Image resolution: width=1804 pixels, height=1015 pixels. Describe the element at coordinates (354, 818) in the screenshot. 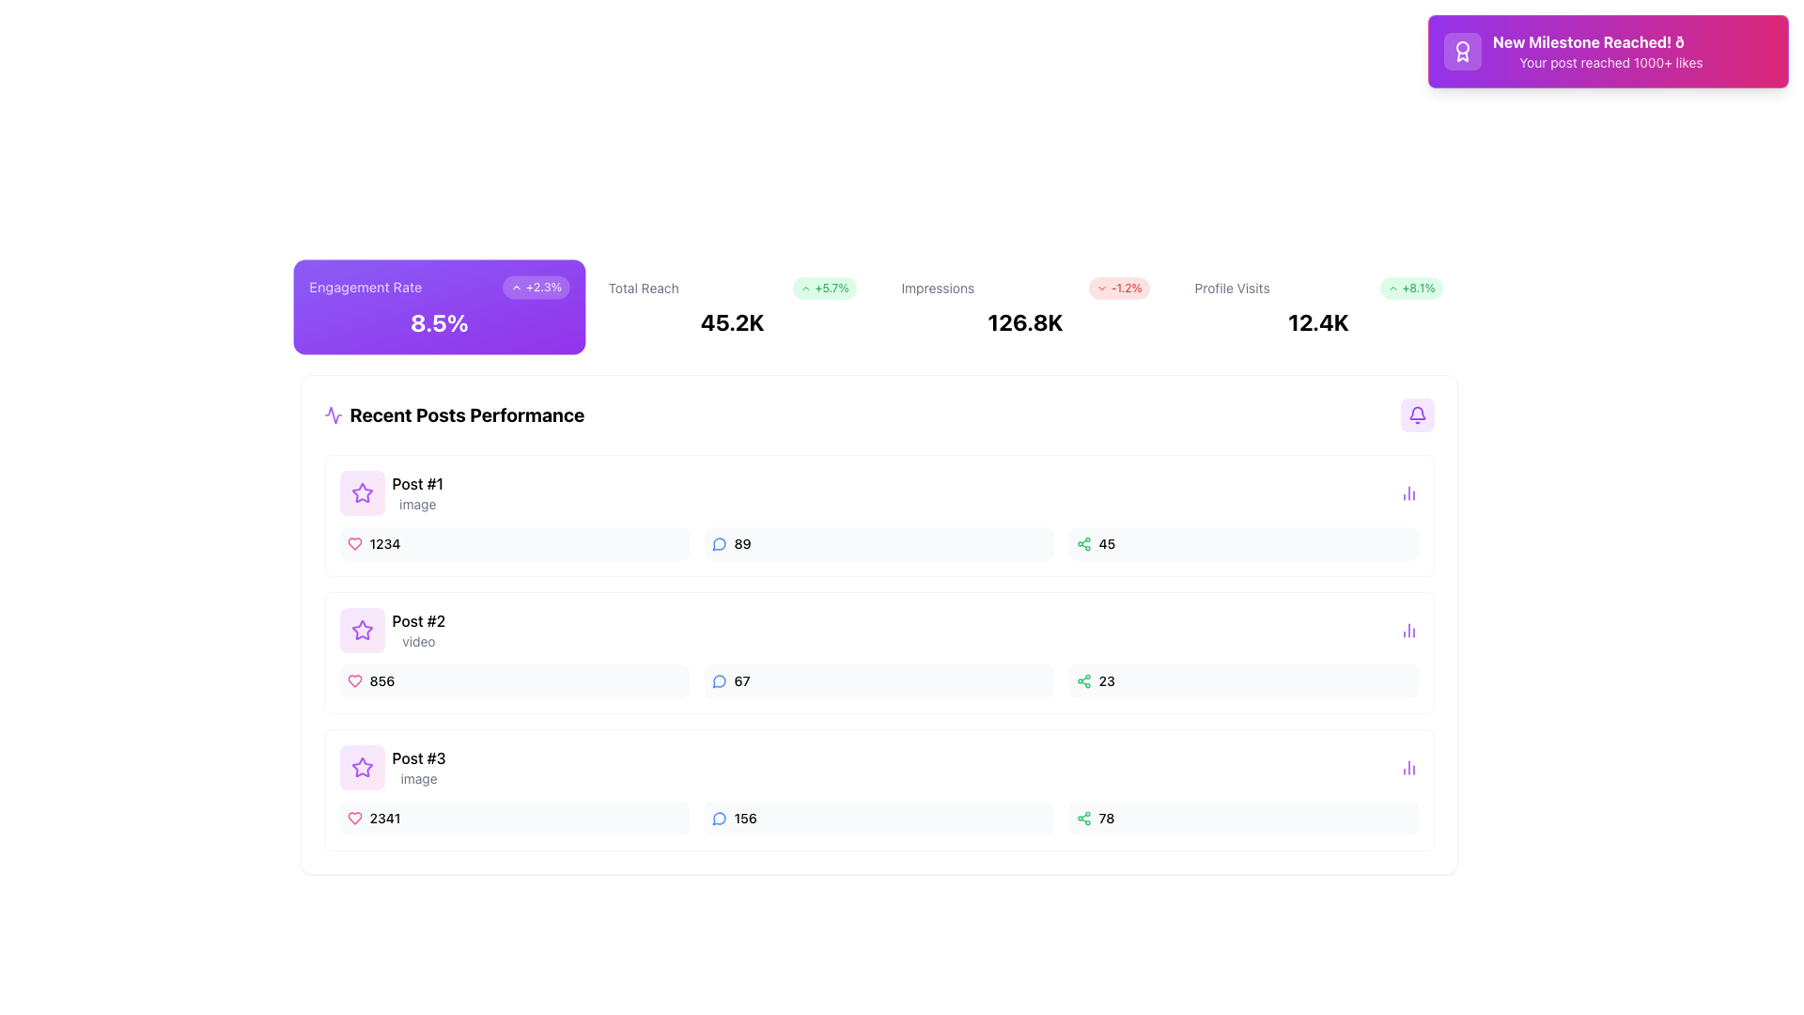

I see `the heart icon in the third row of the 'Recent Posts Performance' section, located directly to the left of the number '2341', to signify a like or favorite action` at that location.